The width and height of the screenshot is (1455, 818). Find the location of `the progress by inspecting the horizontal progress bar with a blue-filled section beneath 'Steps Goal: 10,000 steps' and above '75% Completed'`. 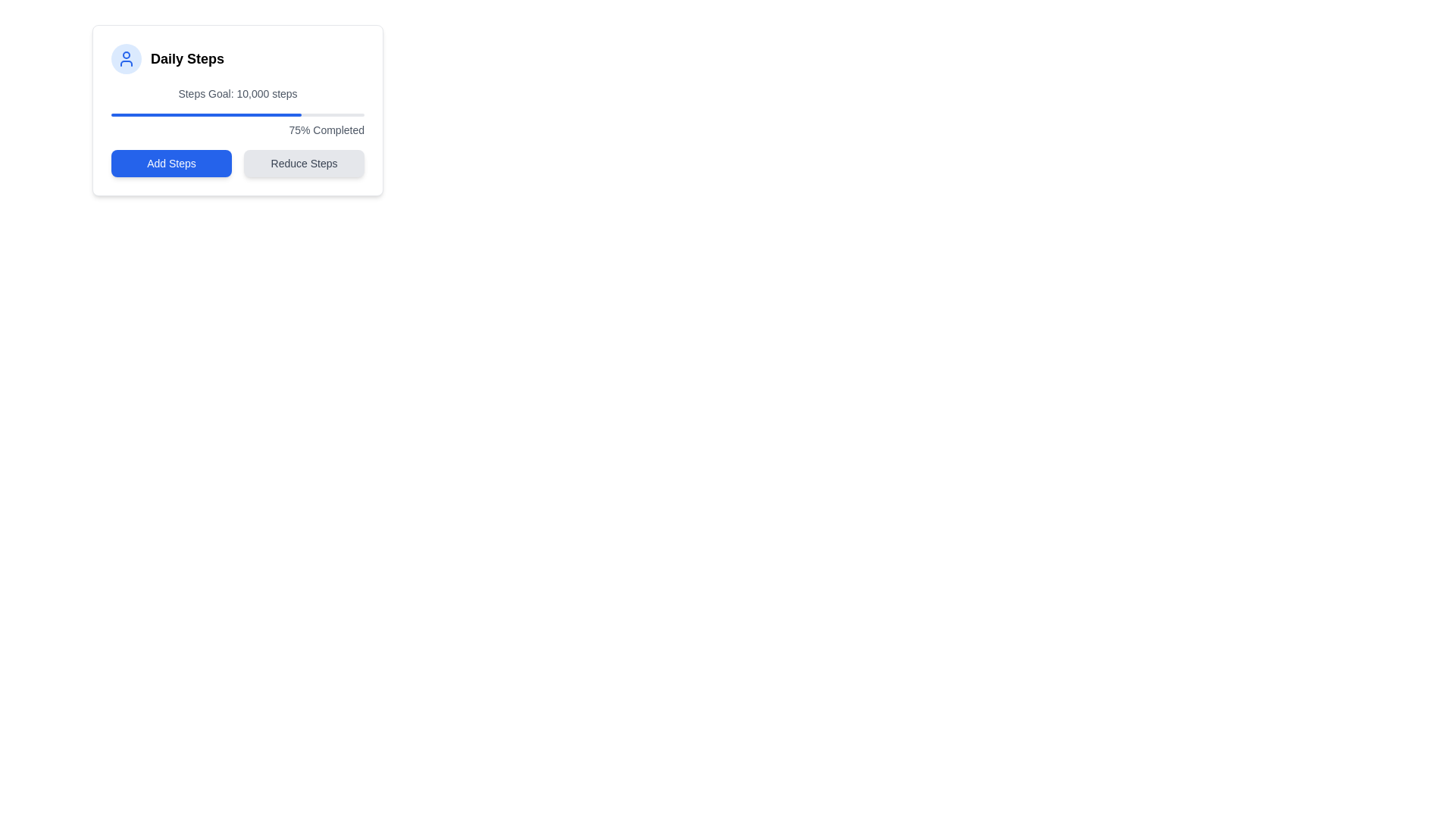

the progress by inspecting the horizontal progress bar with a blue-filled section beneath 'Steps Goal: 10,000 steps' and above '75% Completed' is located at coordinates (236, 114).